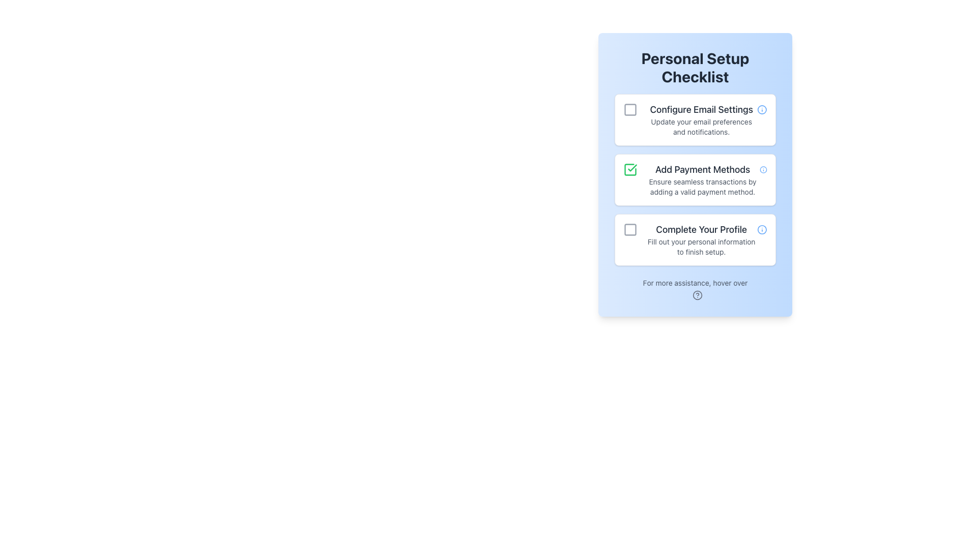  Describe the element at coordinates (695, 289) in the screenshot. I see `the help icon located in the bottom section of the checklist card` at that location.